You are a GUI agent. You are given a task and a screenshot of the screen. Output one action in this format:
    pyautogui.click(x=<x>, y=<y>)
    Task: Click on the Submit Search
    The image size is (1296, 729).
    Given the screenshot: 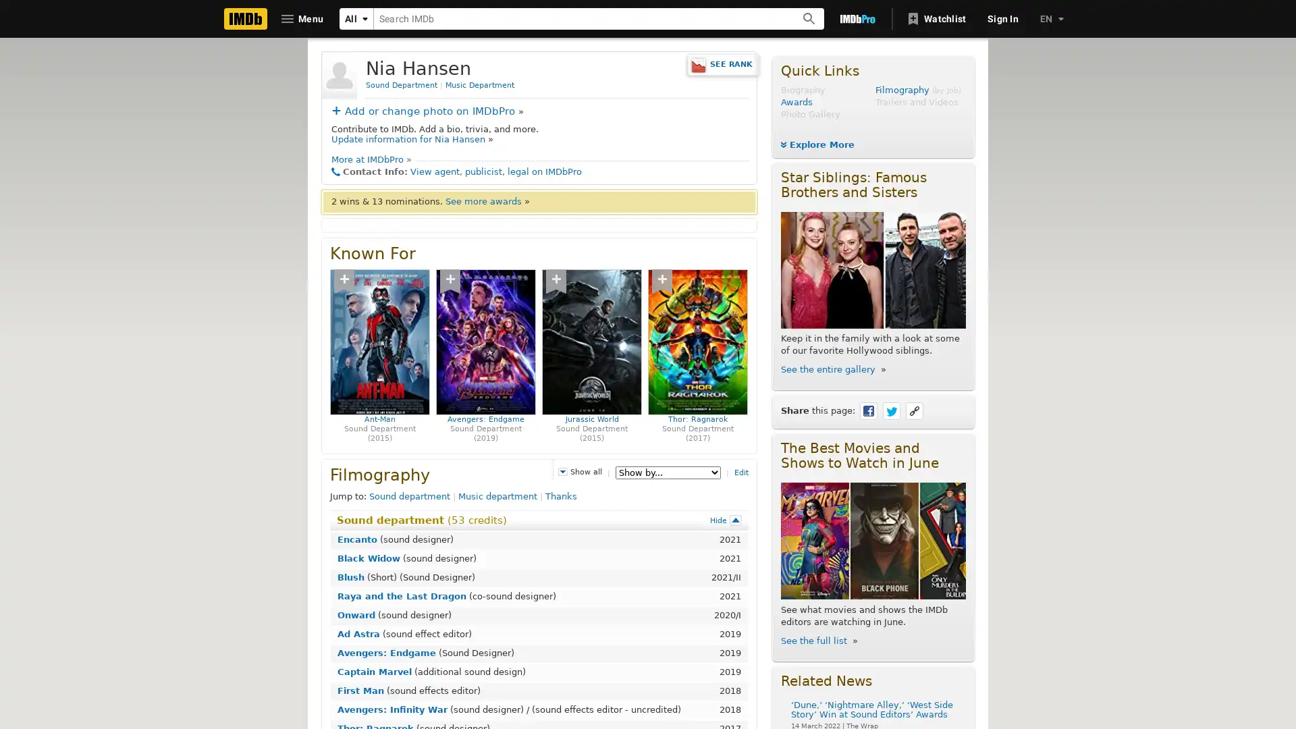 What is the action you would take?
    pyautogui.click(x=809, y=18)
    